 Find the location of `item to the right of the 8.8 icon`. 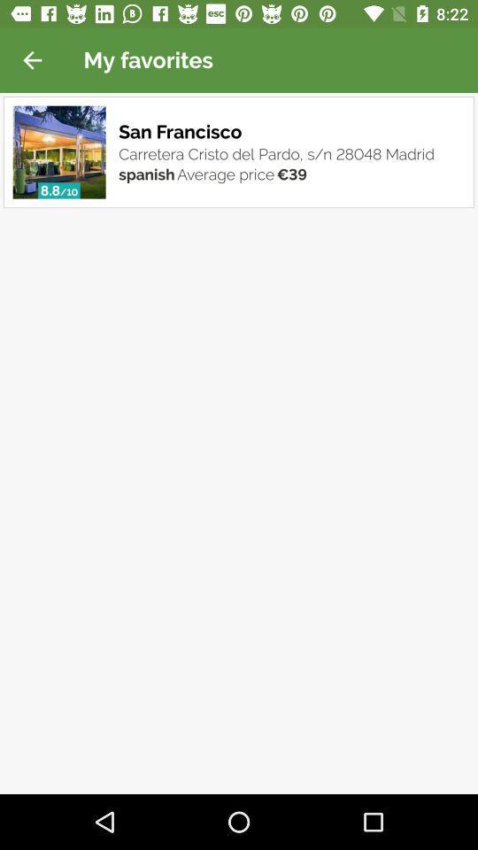

item to the right of the 8.8 icon is located at coordinates (67, 192).